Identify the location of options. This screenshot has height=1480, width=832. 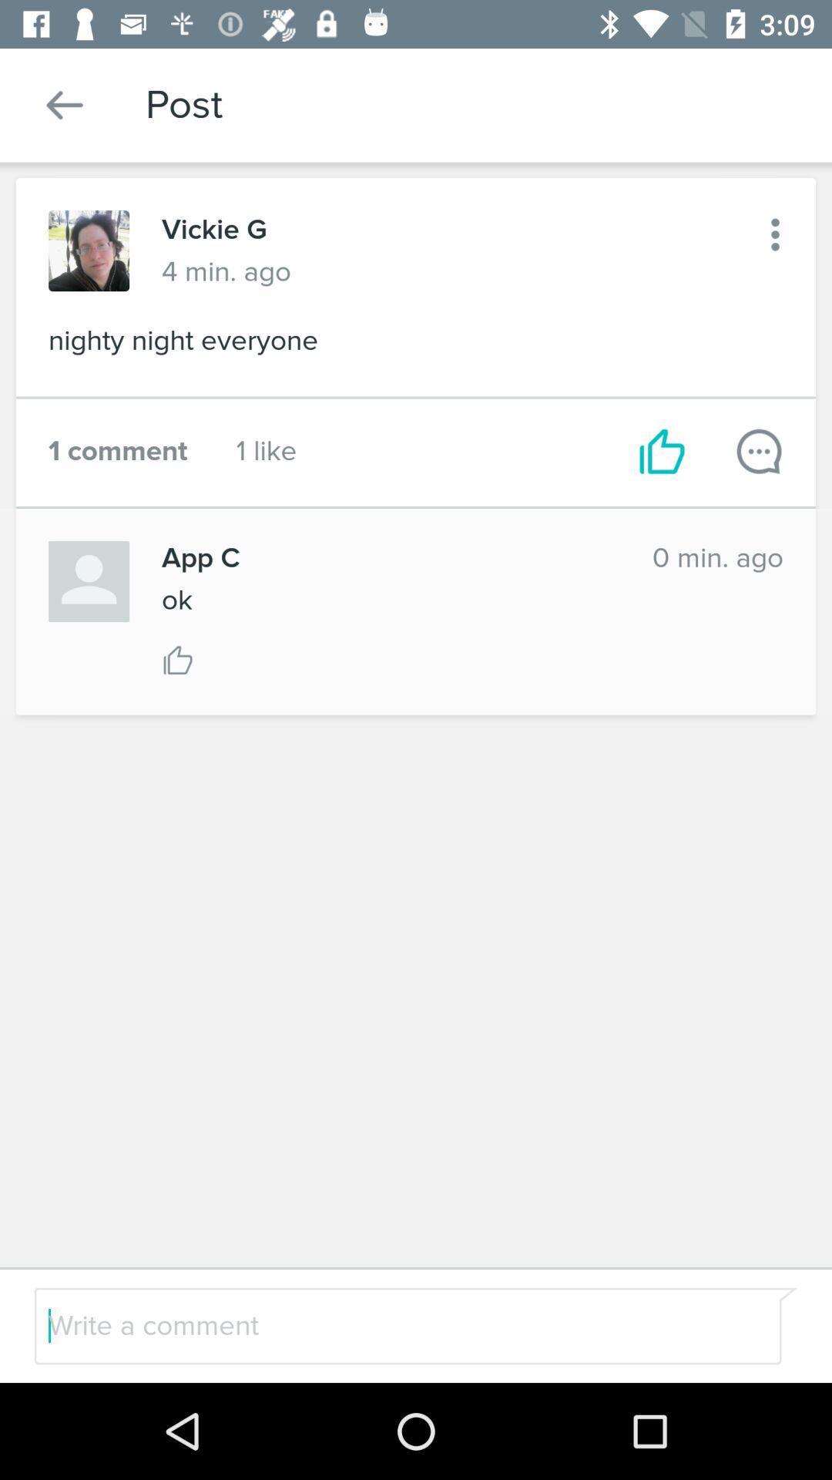
(775, 234).